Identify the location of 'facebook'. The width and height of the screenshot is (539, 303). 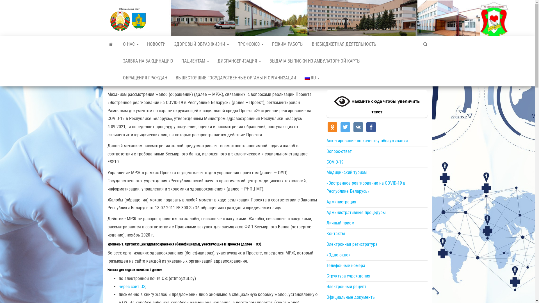
(371, 127).